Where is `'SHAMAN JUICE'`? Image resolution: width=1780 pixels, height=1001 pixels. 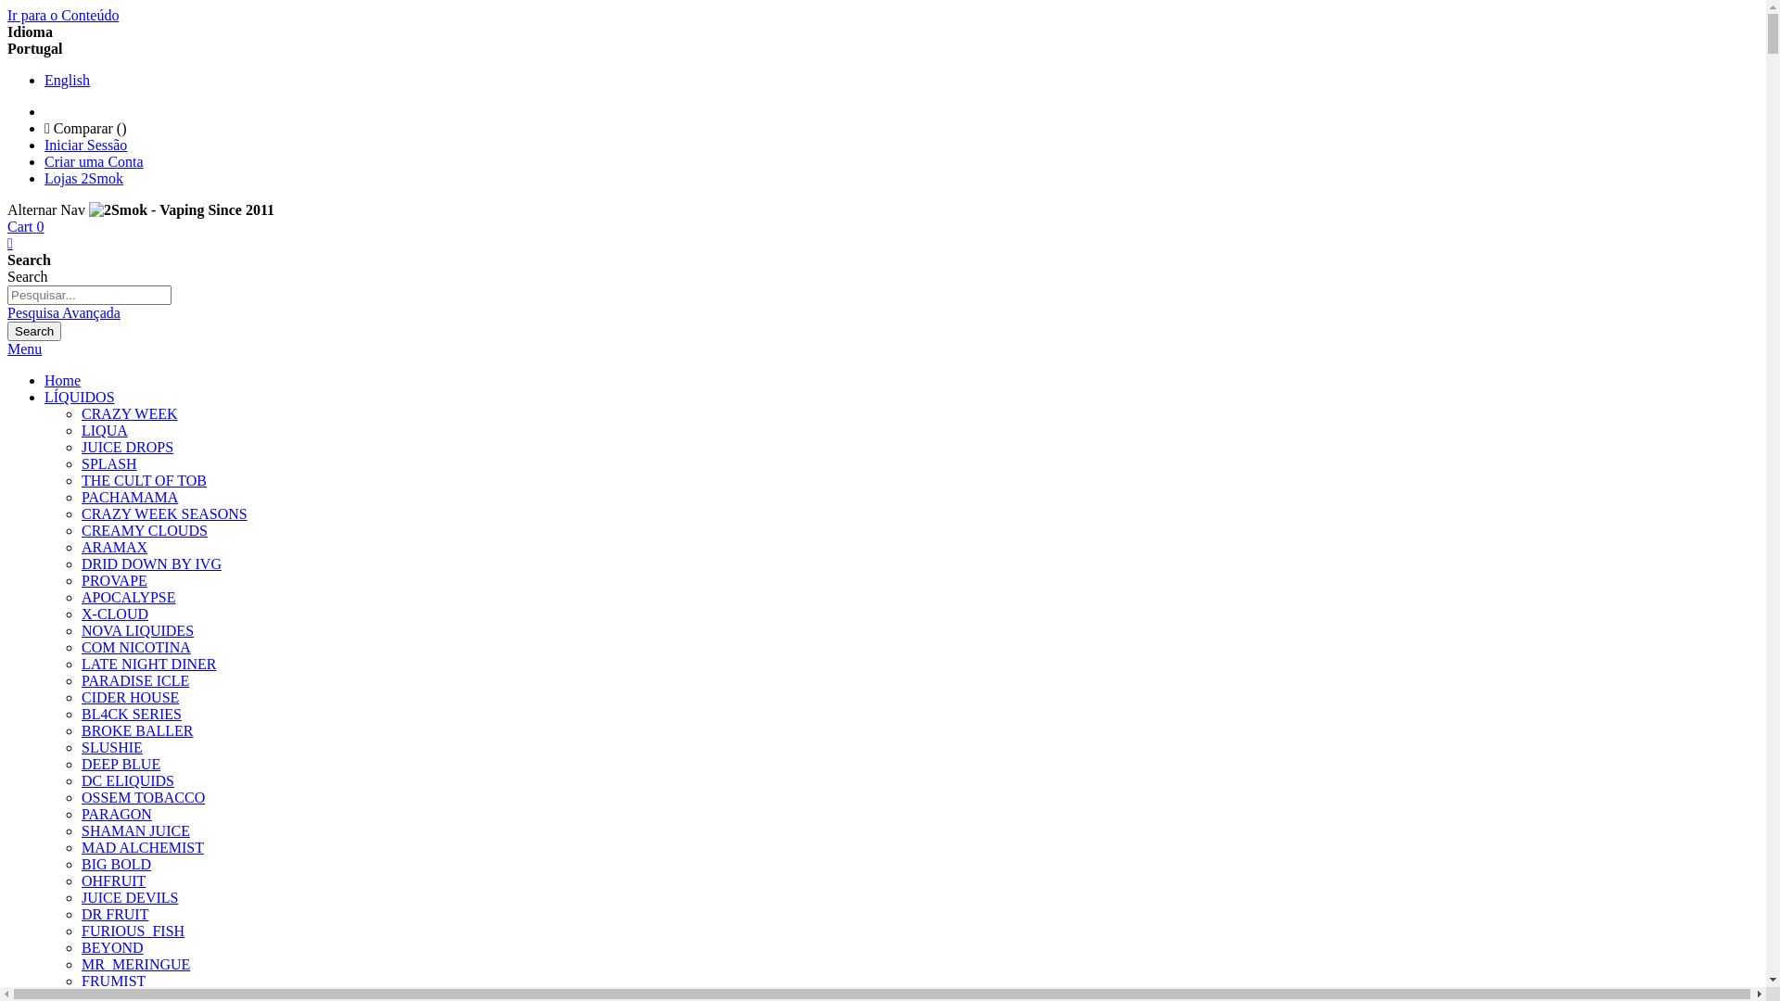
'SHAMAN JUICE' is located at coordinates (134, 830).